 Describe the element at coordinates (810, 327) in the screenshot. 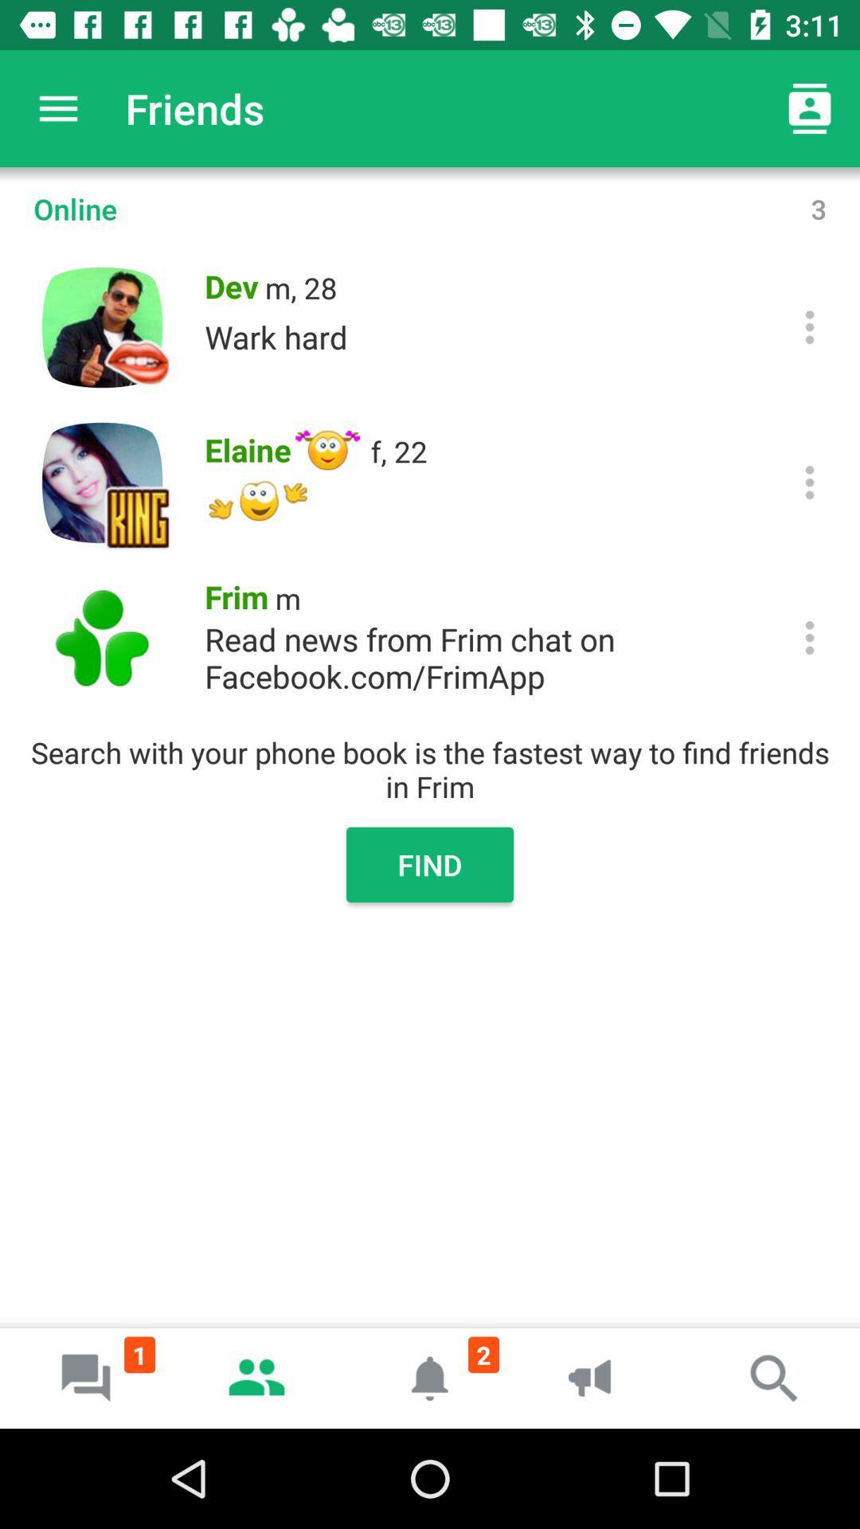

I see `open up options` at that location.